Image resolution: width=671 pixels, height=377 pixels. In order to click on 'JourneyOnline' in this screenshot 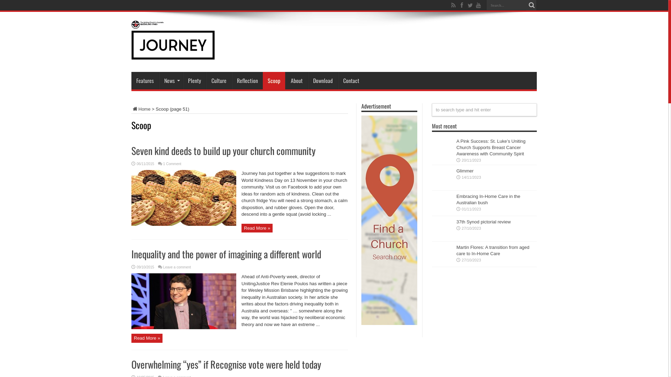, I will do `click(173, 54)`.